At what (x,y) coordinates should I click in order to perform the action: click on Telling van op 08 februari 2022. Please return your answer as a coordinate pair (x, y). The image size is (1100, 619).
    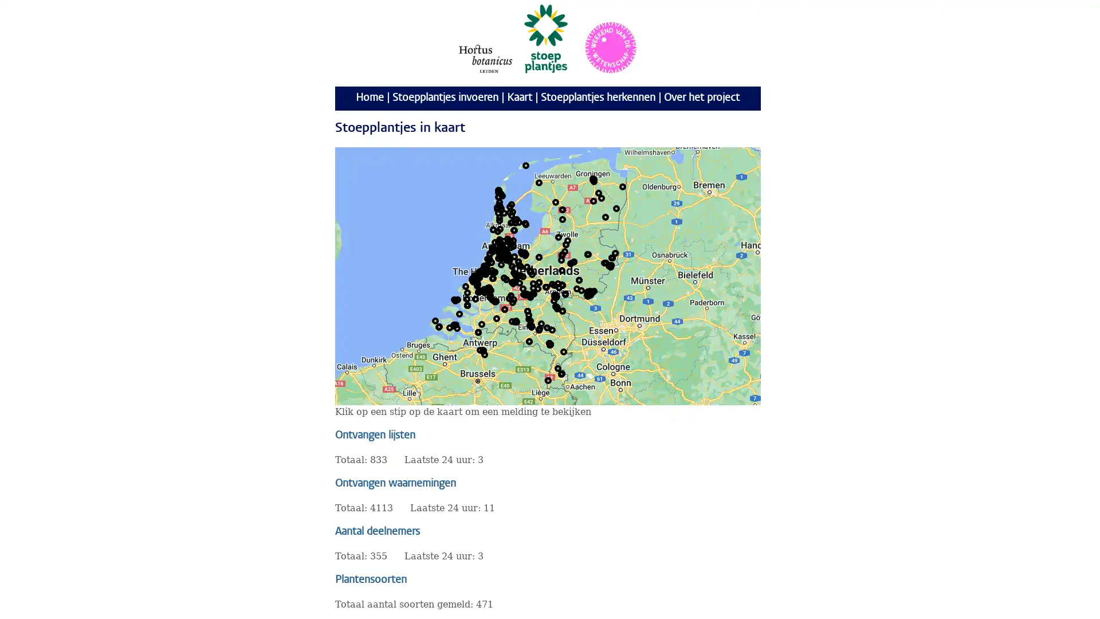
    Looking at the image, I should click on (501, 258).